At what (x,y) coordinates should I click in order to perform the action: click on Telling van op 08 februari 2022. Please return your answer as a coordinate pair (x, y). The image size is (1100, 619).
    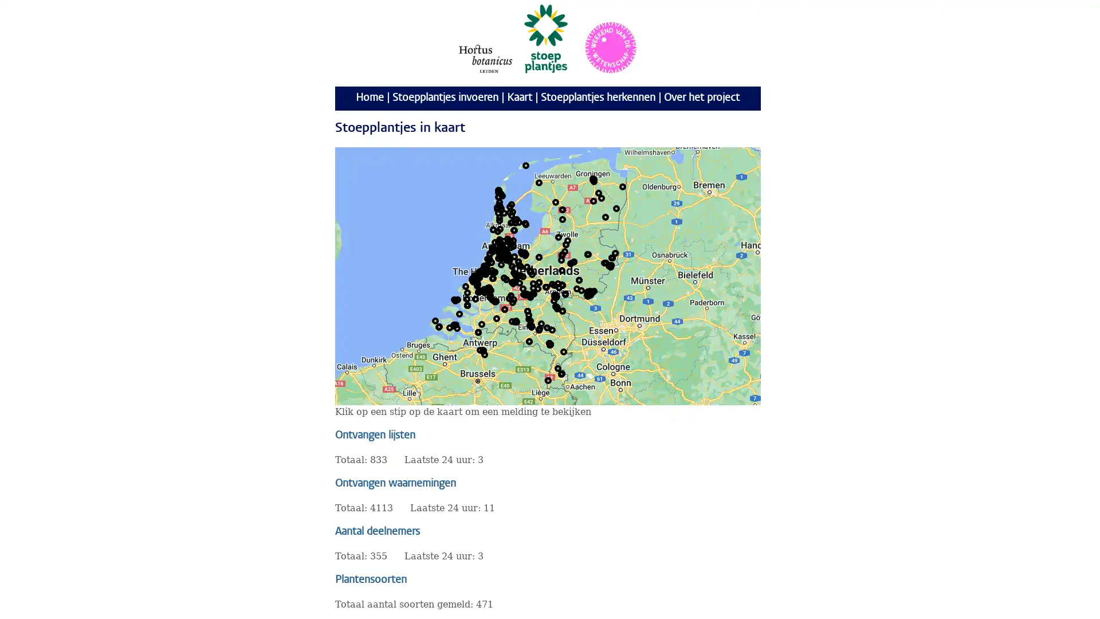
    Looking at the image, I should click on (501, 258).